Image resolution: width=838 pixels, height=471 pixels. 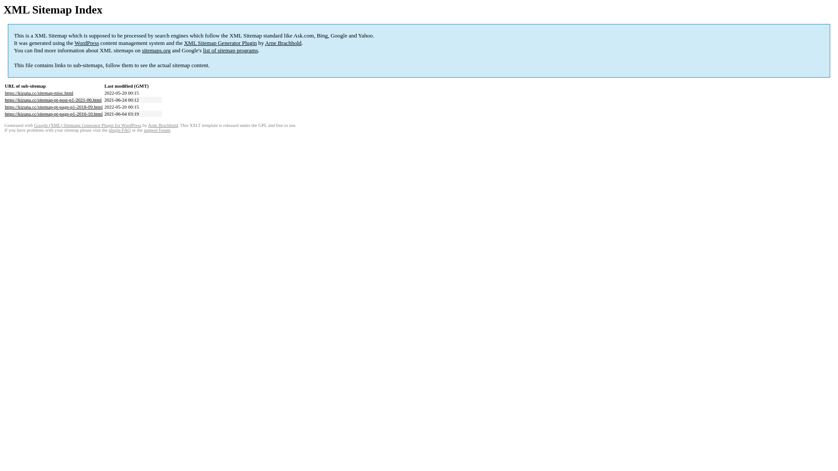 What do you see at coordinates (53, 106) in the screenshot?
I see `'https://kizuna.cc/sitemap-pt-page-p1-2018-09.html'` at bounding box center [53, 106].